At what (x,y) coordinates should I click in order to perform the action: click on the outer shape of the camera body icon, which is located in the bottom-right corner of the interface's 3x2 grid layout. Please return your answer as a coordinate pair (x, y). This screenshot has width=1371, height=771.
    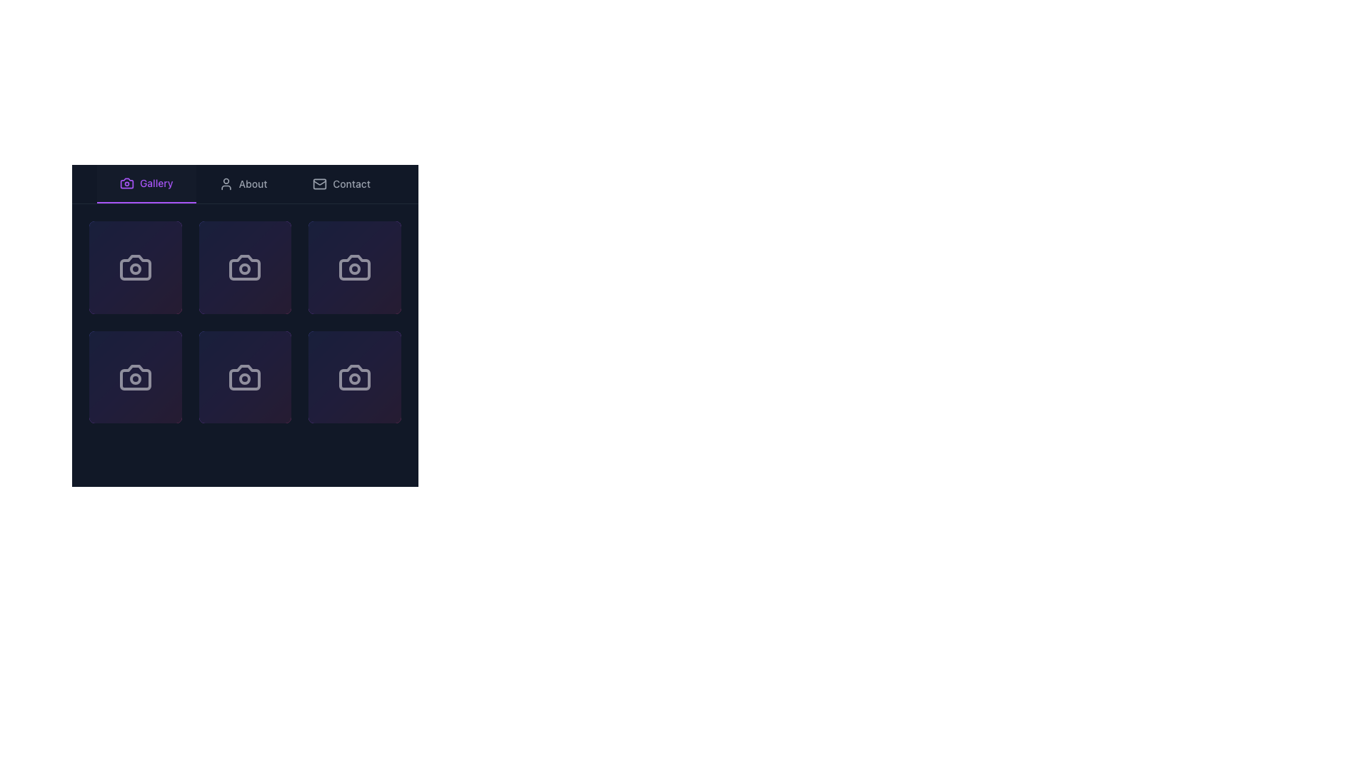
    Looking at the image, I should click on (355, 376).